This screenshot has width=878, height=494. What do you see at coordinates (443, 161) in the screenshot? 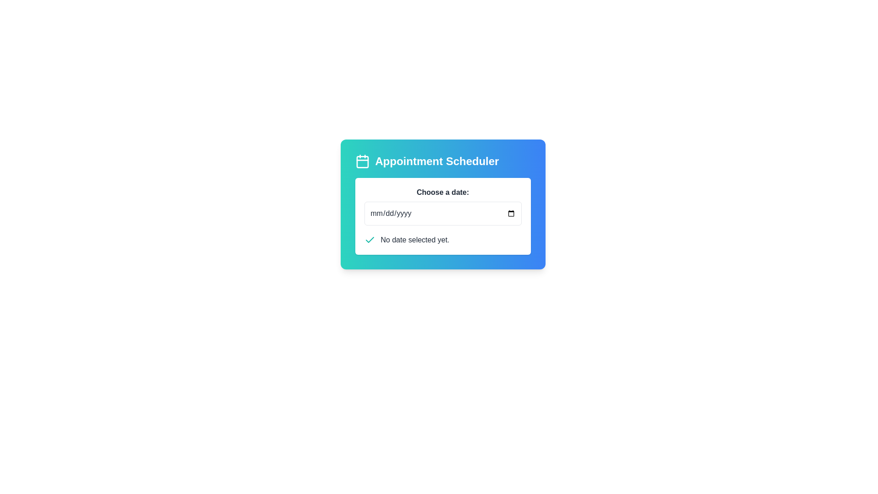
I see `the 'Appointment Scheduler' heading with an icon, which features a bold, large white text on a gradient teal to blue background, located at the top of the content block` at bounding box center [443, 161].